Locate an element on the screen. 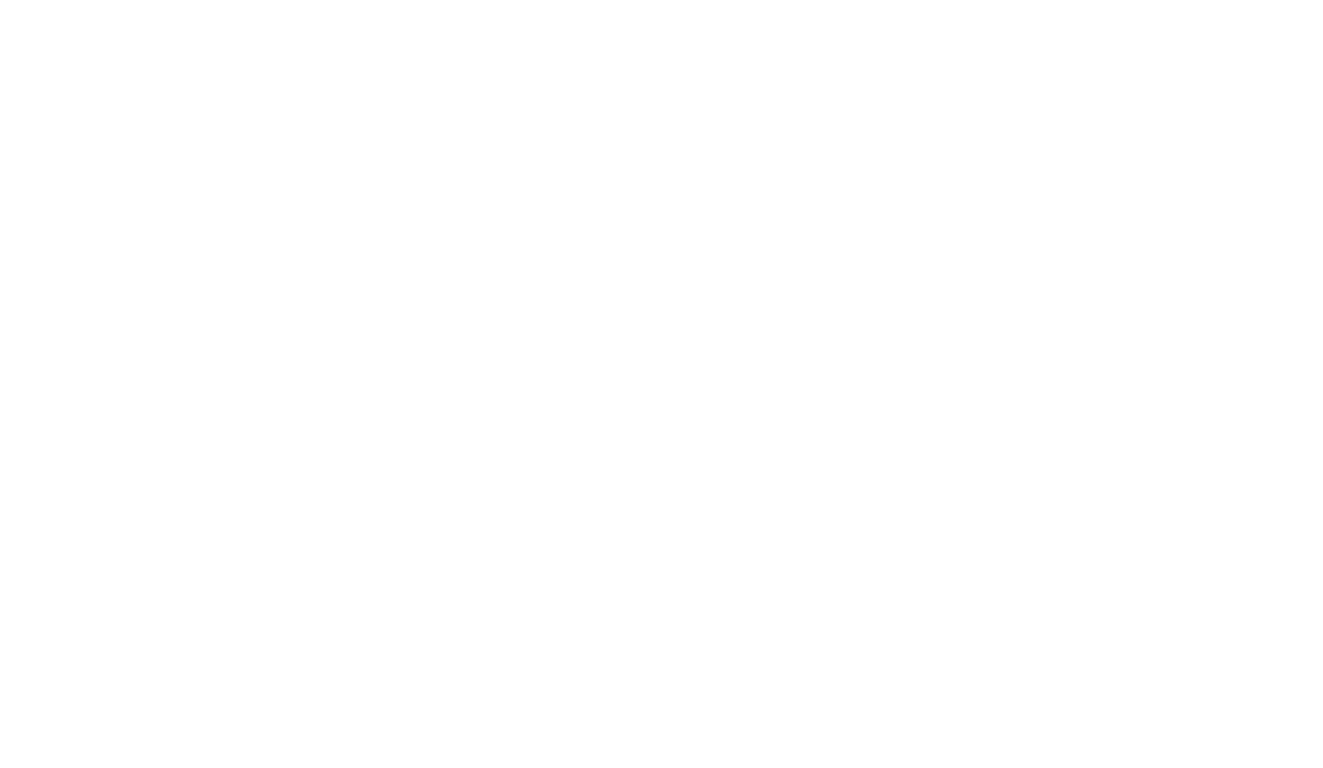 The height and width of the screenshot is (768, 1323). 'Maroc' is located at coordinates (317, 153).